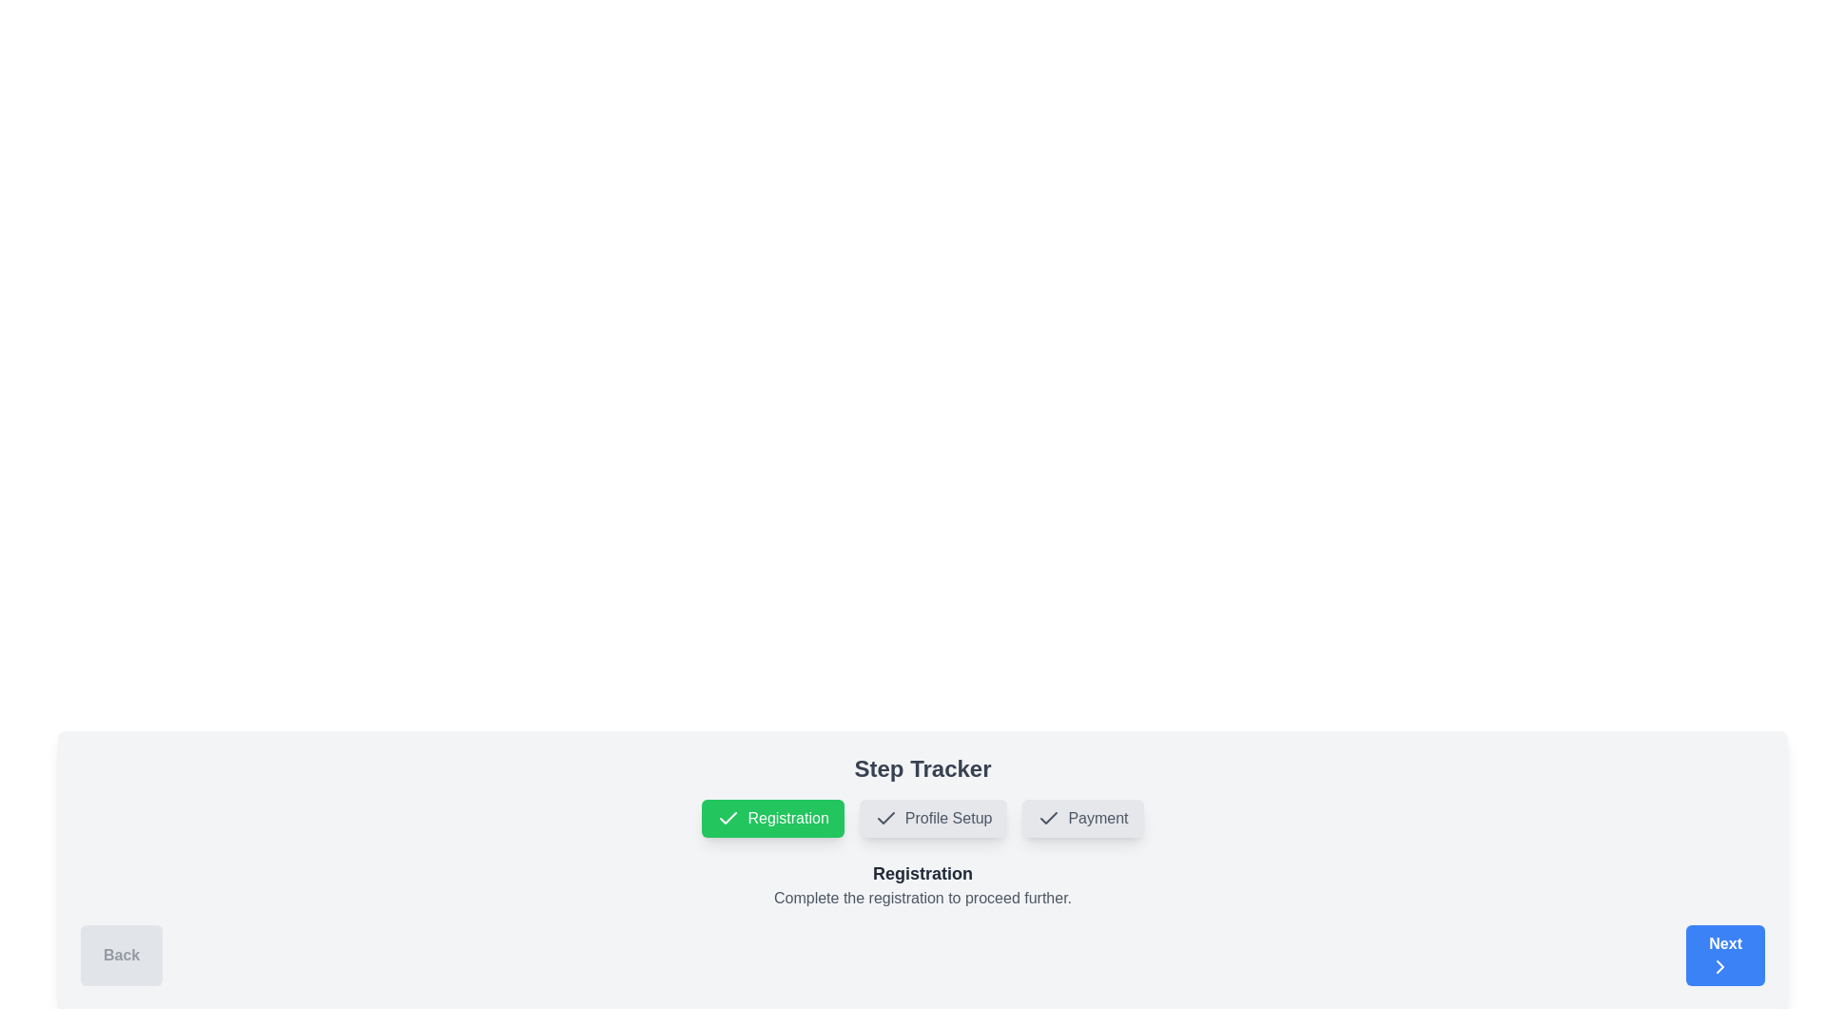 The image size is (1826, 1027). Describe the element at coordinates (728, 817) in the screenshot. I see `the visual feedback of the checkmark icon indicating the completion status of the 'Registration' step in the step tracker` at that location.